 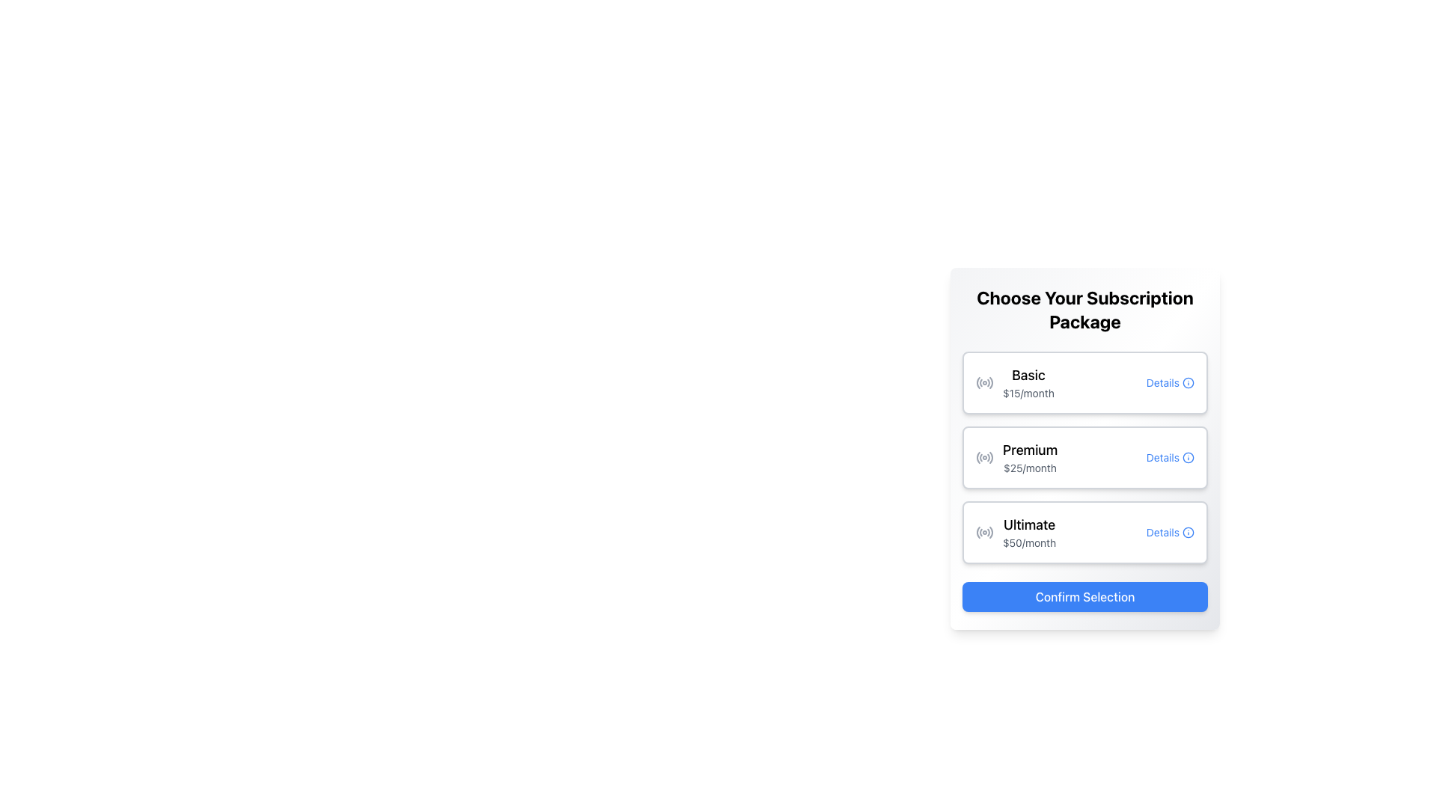 What do you see at coordinates (978, 382) in the screenshot?
I see `the first curve of the radio icon representing the 'Basic' subscription package in the subscription selection menu` at bounding box center [978, 382].